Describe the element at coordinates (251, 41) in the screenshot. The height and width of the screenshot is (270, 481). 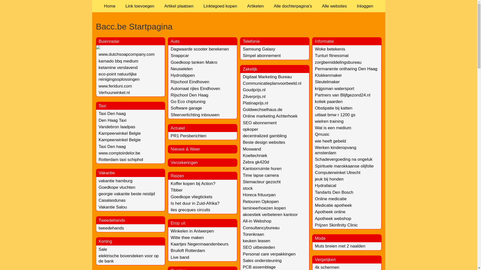
I see `'Telefonie'` at that location.